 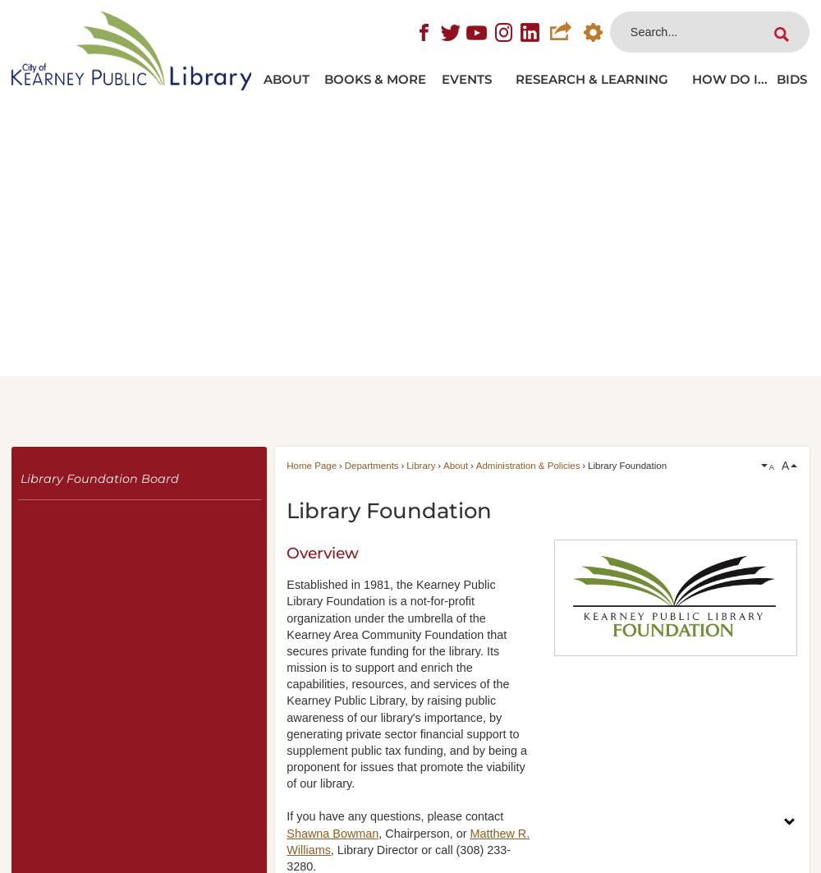 I want to click on ', Library Director or call (308) 233-3280.', so click(x=397, y=856).